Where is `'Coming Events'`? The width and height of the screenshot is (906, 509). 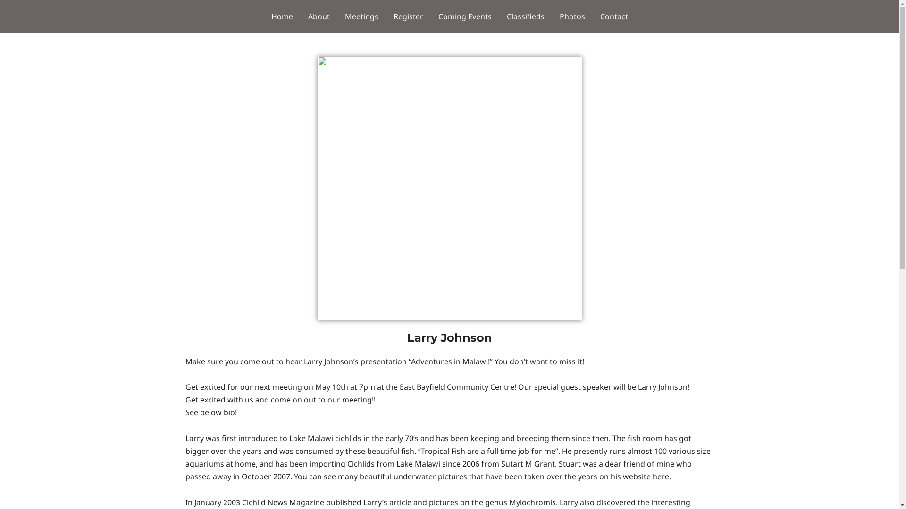 'Coming Events' is located at coordinates (464, 16).